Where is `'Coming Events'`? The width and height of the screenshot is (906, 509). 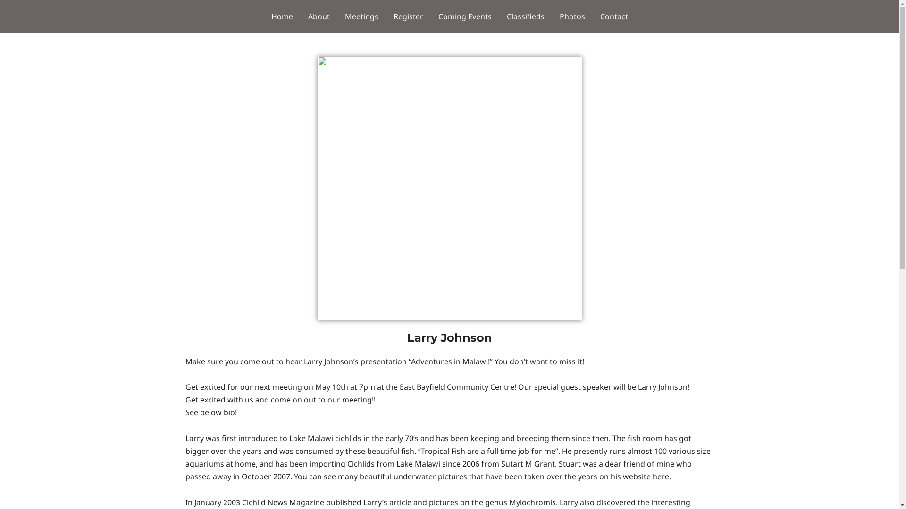 'Coming Events' is located at coordinates (464, 16).